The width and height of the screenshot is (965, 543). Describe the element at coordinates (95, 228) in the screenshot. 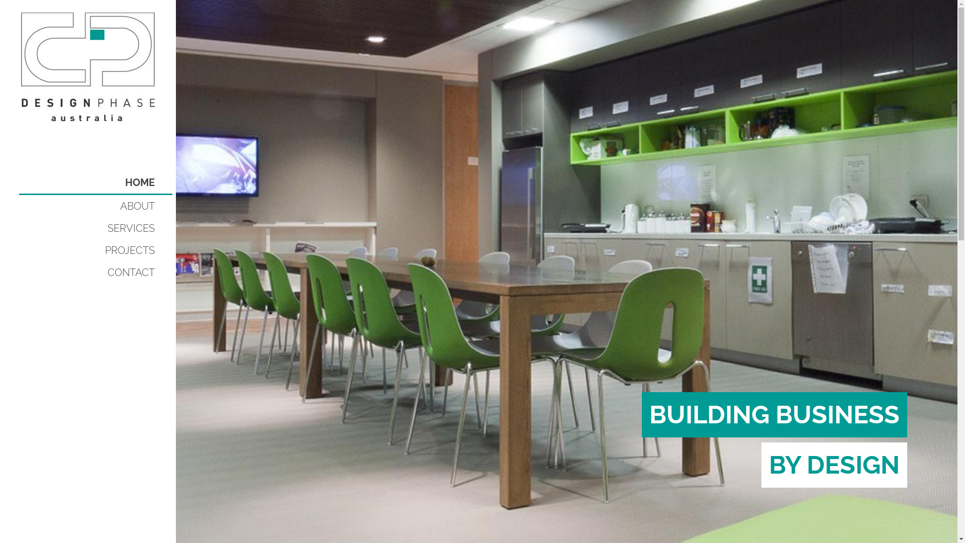

I see `'SERVICES'` at that location.